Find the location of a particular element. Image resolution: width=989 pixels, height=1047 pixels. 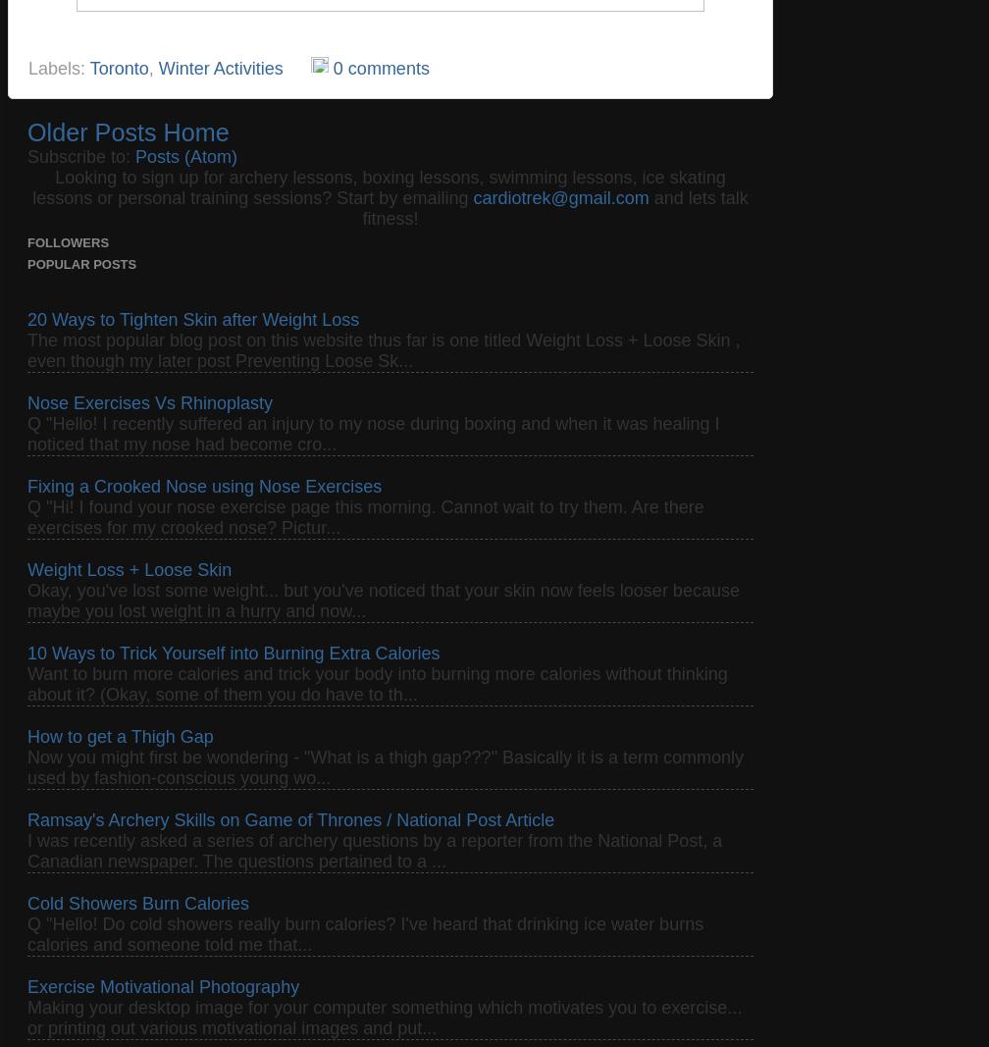

'Ramsay's Archery Skills on Game of Thrones / National Post Article' is located at coordinates (290, 818).